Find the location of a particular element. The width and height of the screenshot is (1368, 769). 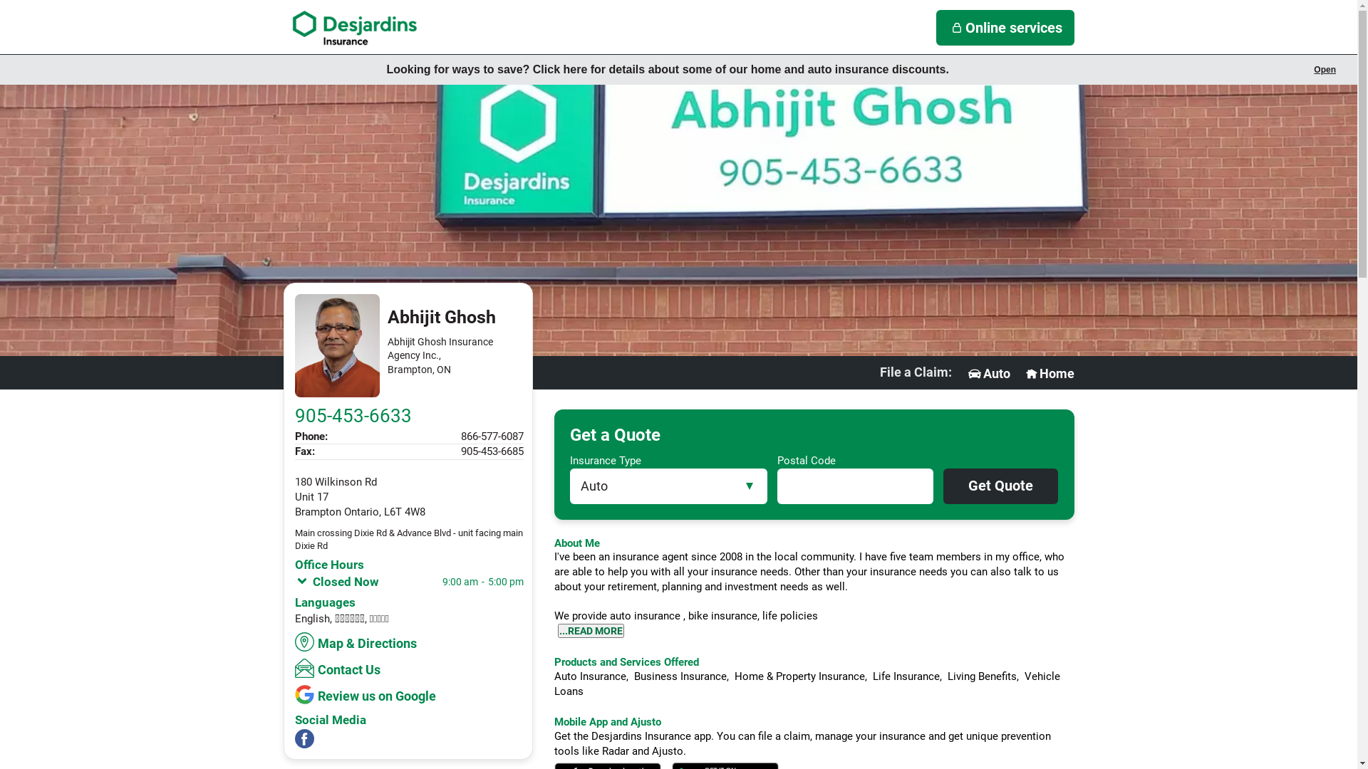

'Map & Directions' is located at coordinates (358, 642).